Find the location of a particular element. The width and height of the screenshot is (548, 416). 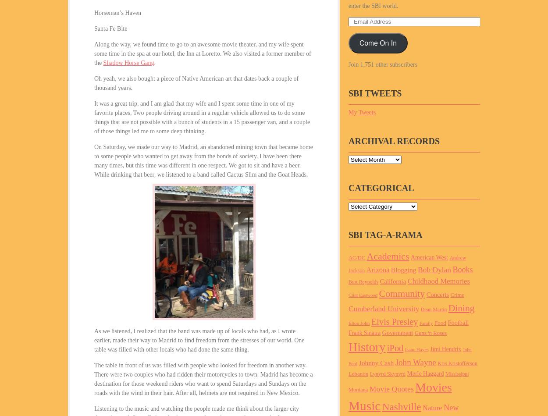

'SBI Tag-a-Rama' is located at coordinates (385, 234).